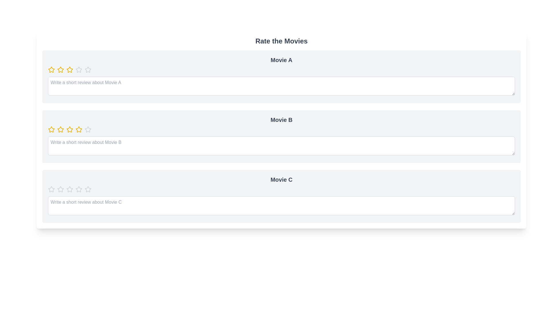  What do you see at coordinates (69, 69) in the screenshot?
I see `the rating of a movie to 3 stars` at bounding box center [69, 69].